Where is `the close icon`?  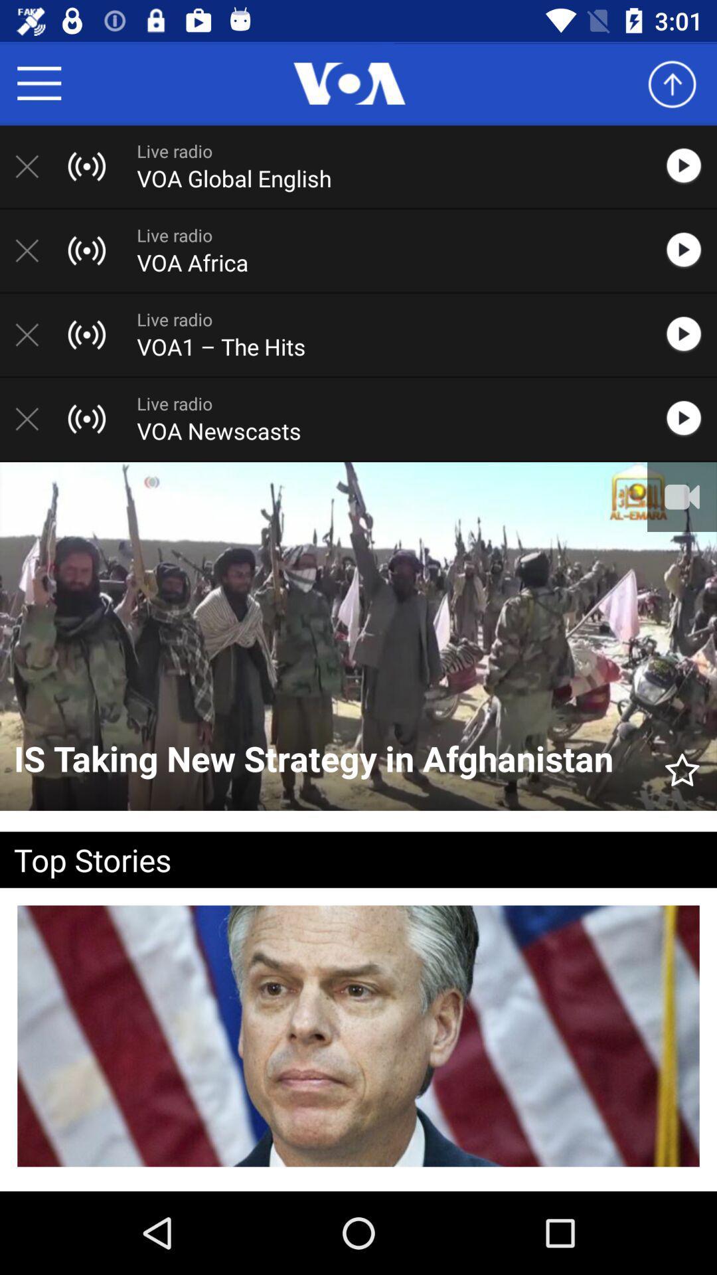
the close icon is located at coordinates (33, 165).